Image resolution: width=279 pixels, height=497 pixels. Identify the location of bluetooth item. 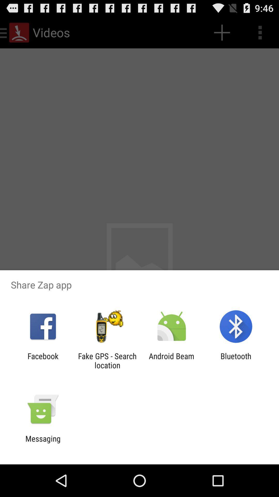
(236, 360).